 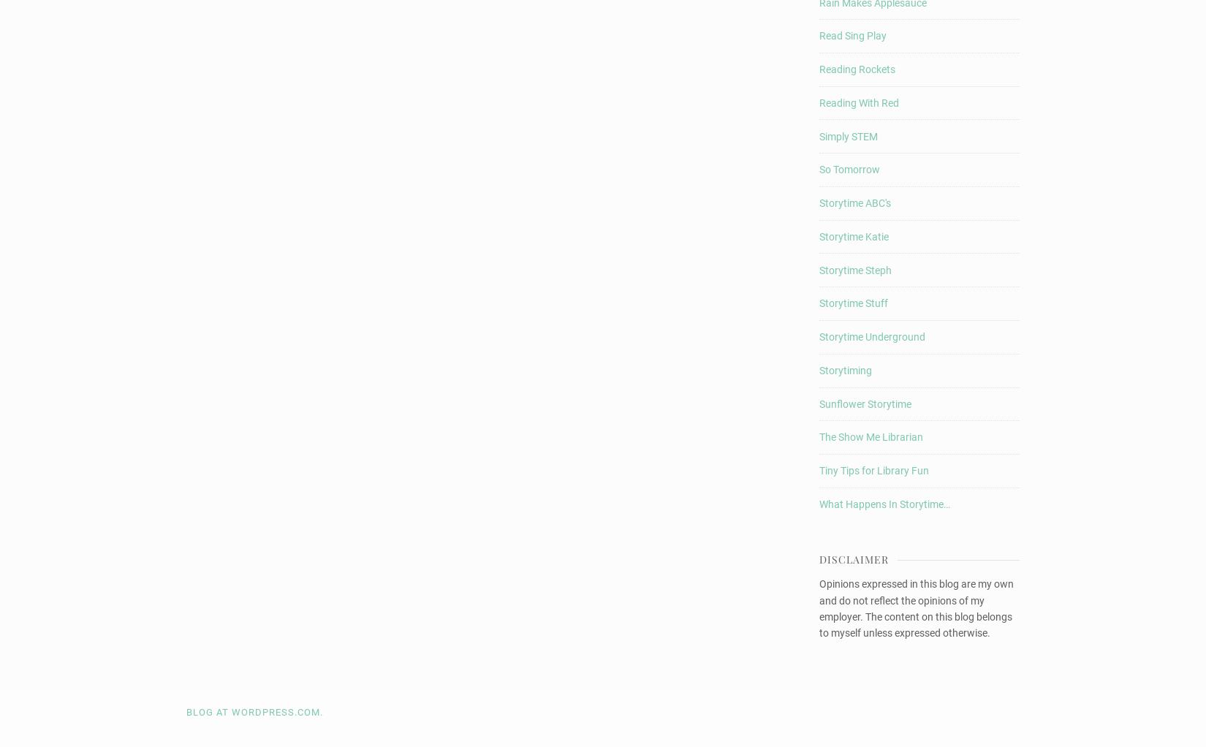 What do you see at coordinates (857, 69) in the screenshot?
I see `'Reading Rockets'` at bounding box center [857, 69].